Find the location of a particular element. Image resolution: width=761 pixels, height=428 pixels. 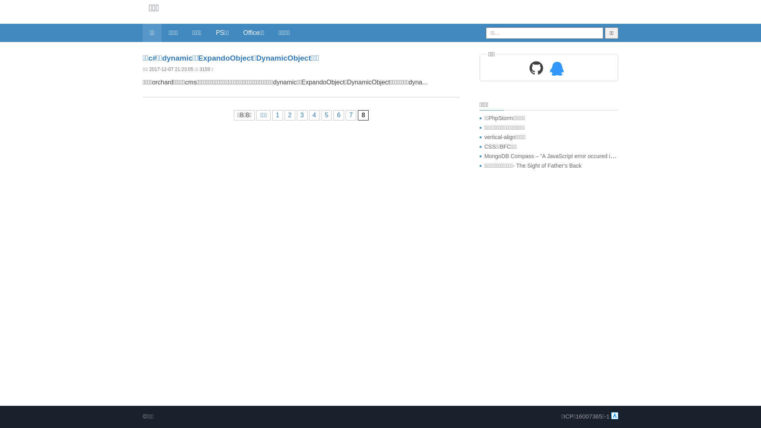

'2' is located at coordinates (289, 115).